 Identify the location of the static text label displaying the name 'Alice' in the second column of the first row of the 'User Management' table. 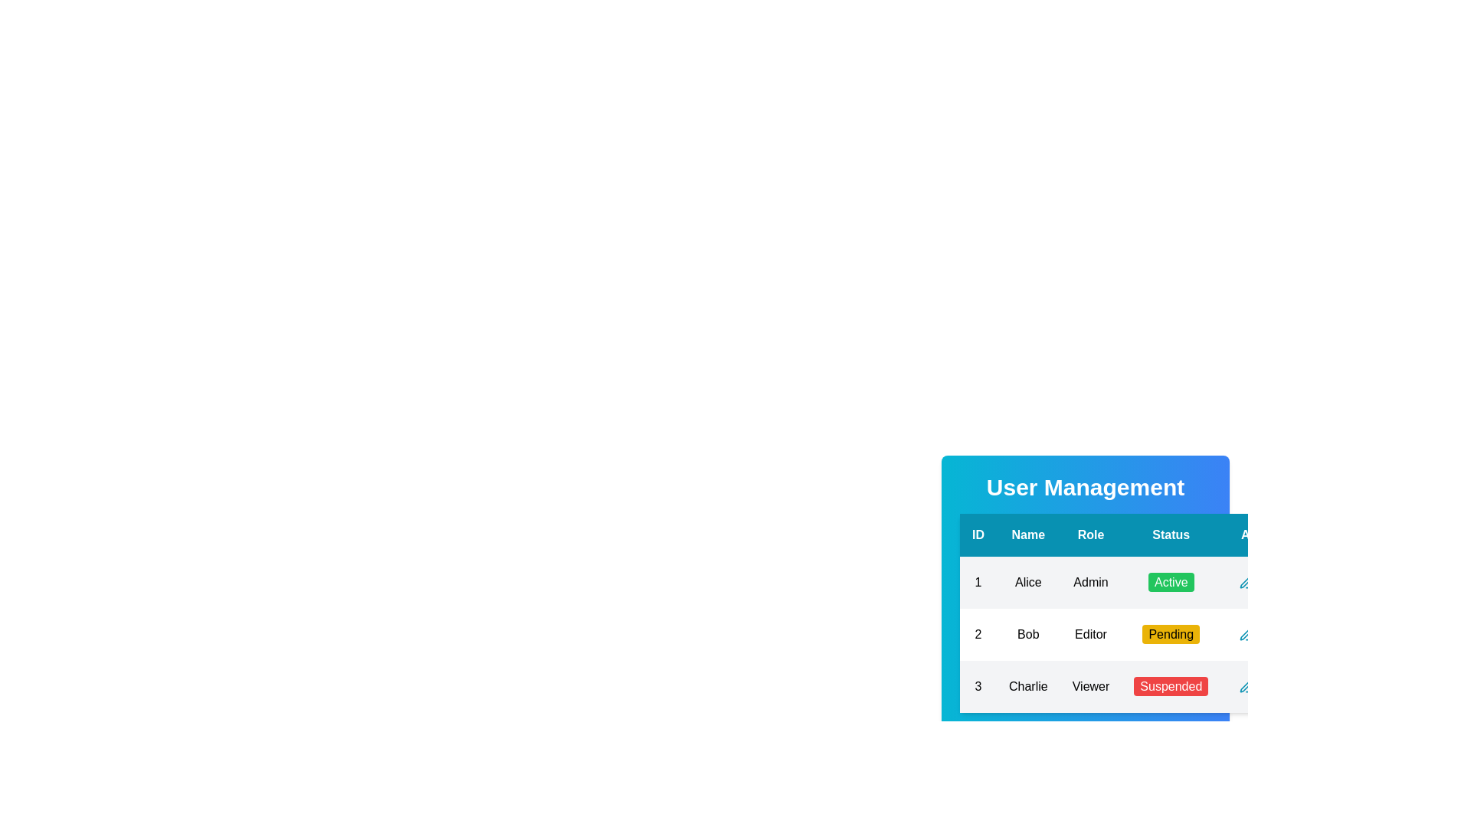
(1028, 582).